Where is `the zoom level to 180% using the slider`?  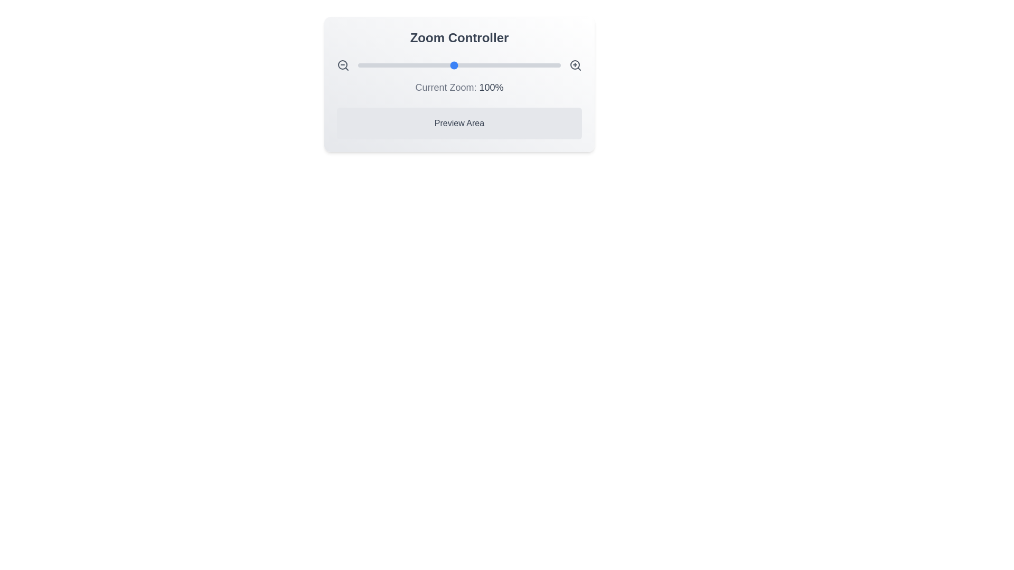
the zoom level to 180% using the slider is located at coordinates (539, 65).